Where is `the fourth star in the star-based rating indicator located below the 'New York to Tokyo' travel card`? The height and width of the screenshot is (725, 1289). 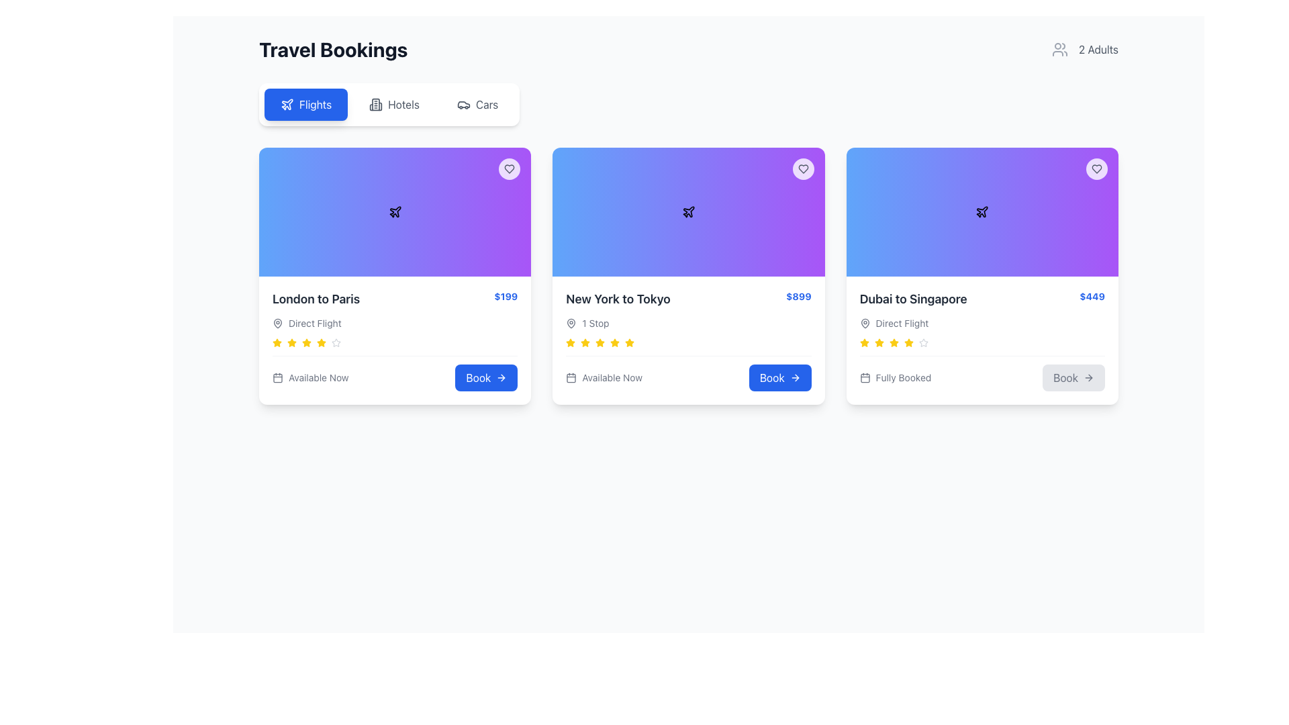
the fourth star in the star-based rating indicator located below the 'New York to Tokyo' travel card is located at coordinates (585, 342).